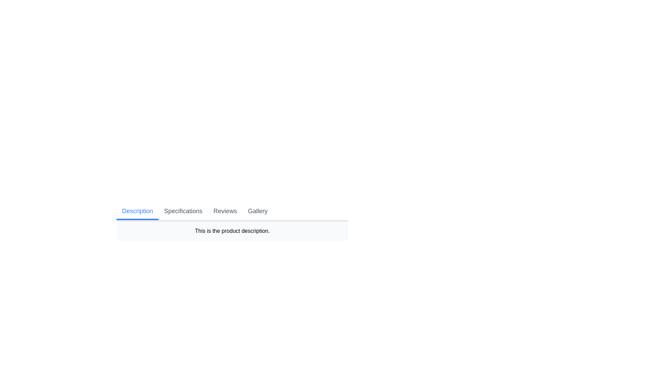  What do you see at coordinates (137, 211) in the screenshot?
I see `the tab labeled Description` at bounding box center [137, 211].